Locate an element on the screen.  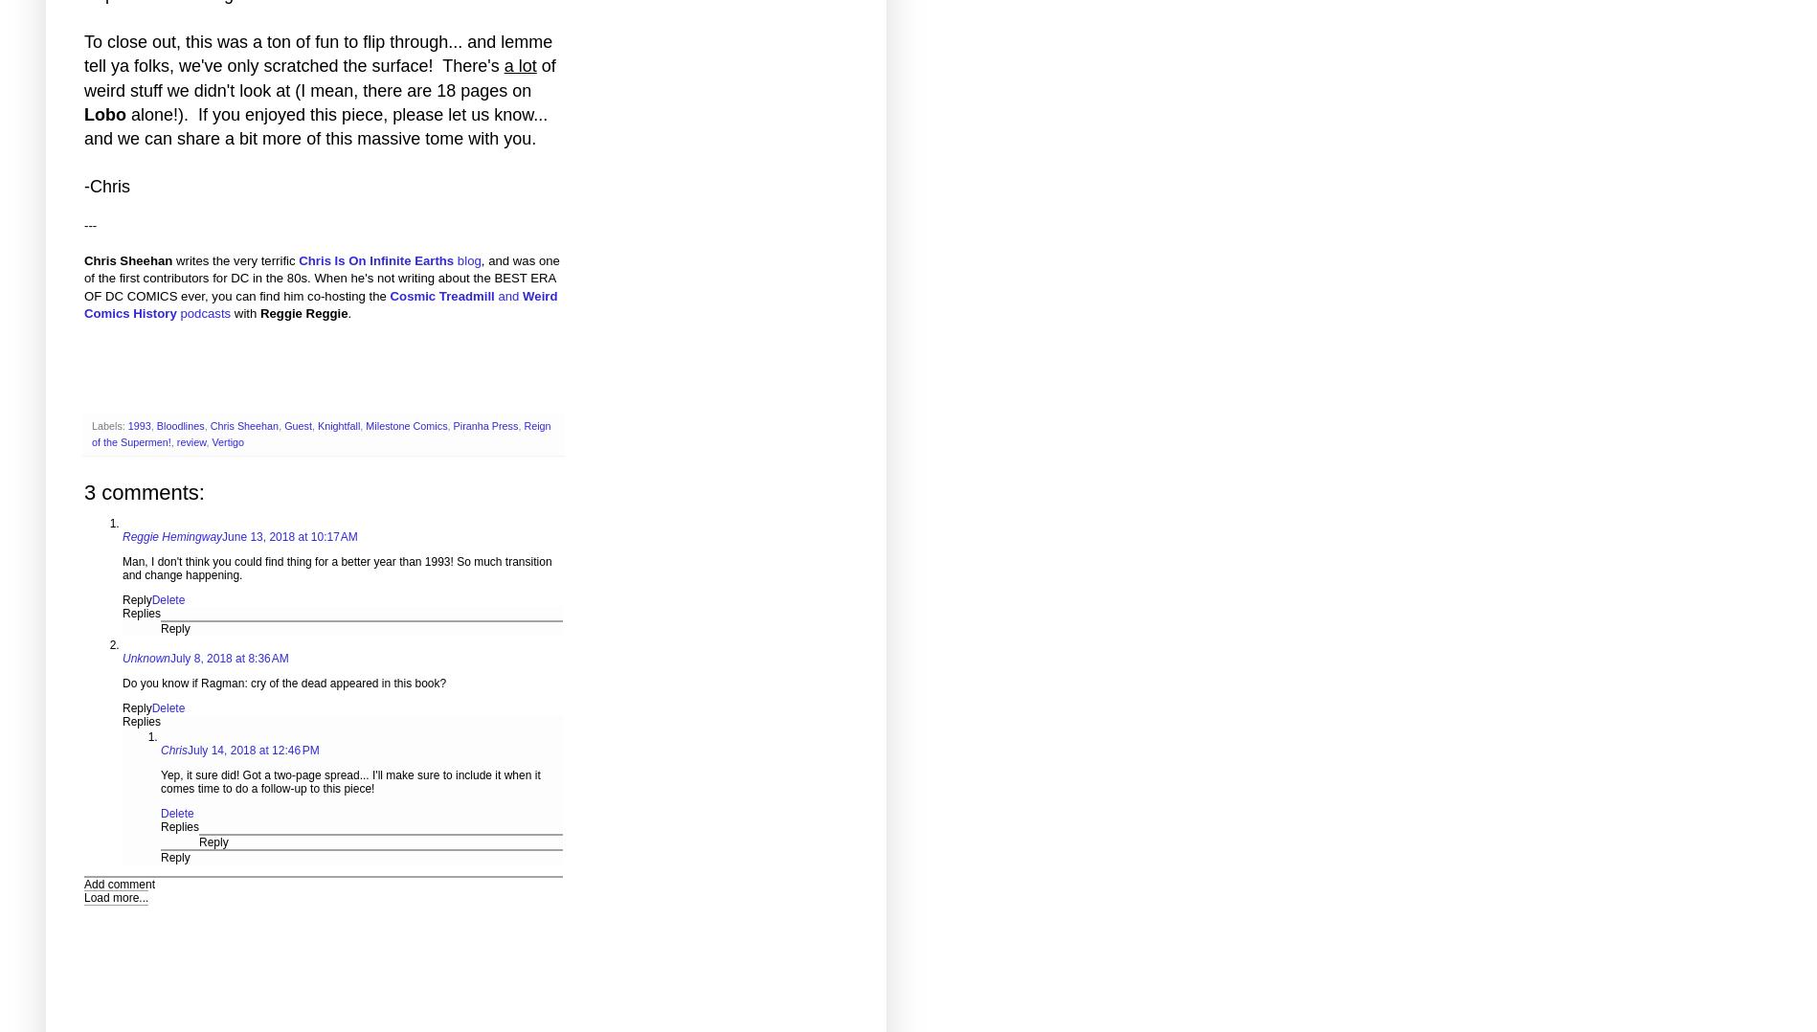
'blog' is located at coordinates (465, 259).